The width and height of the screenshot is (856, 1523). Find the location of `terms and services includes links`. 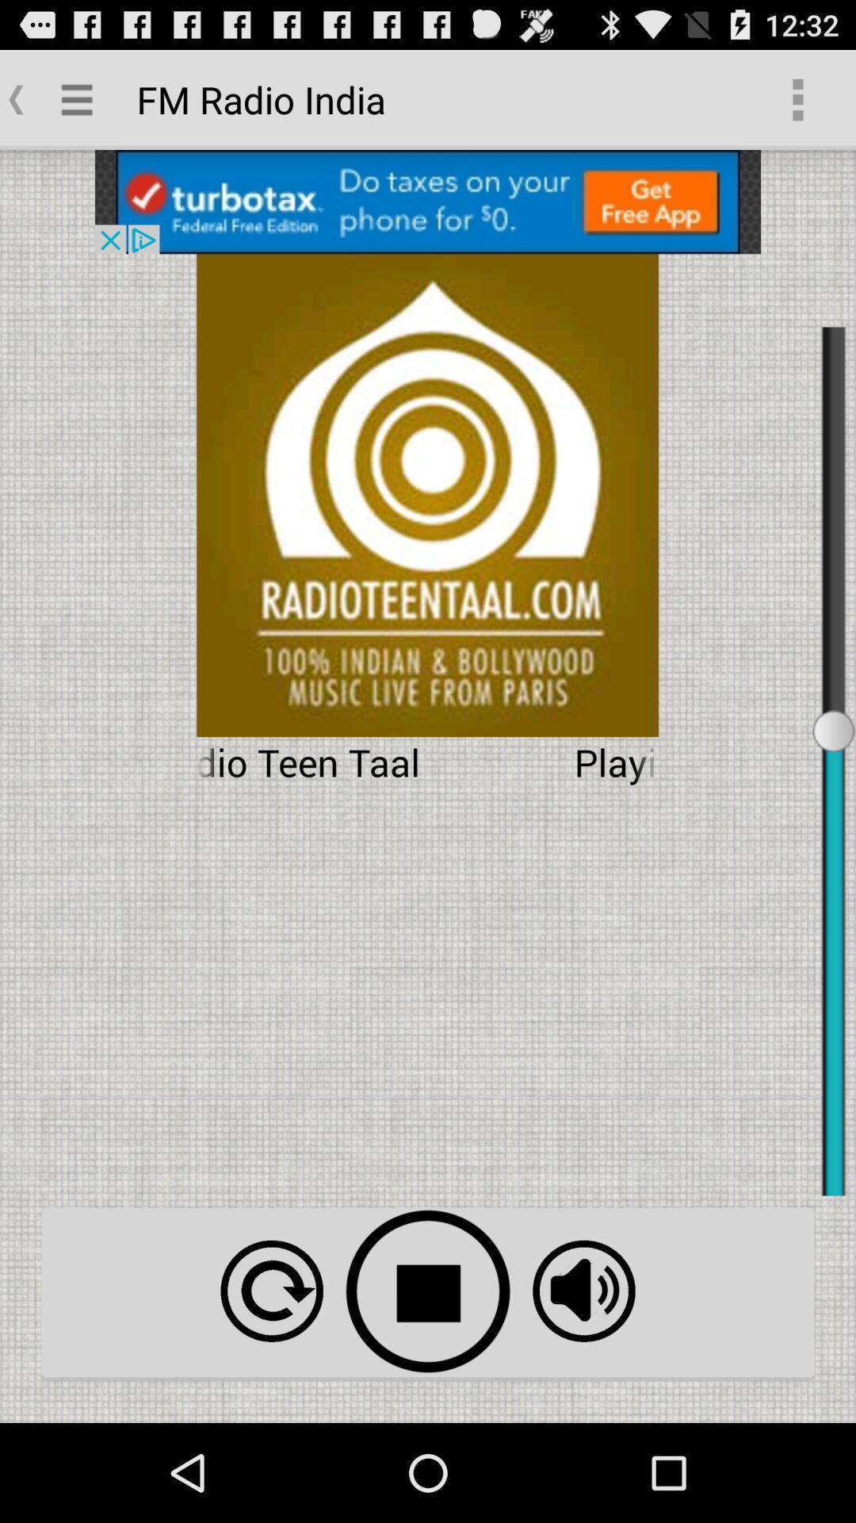

terms and services includes links is located at coordinates (583, 1291).